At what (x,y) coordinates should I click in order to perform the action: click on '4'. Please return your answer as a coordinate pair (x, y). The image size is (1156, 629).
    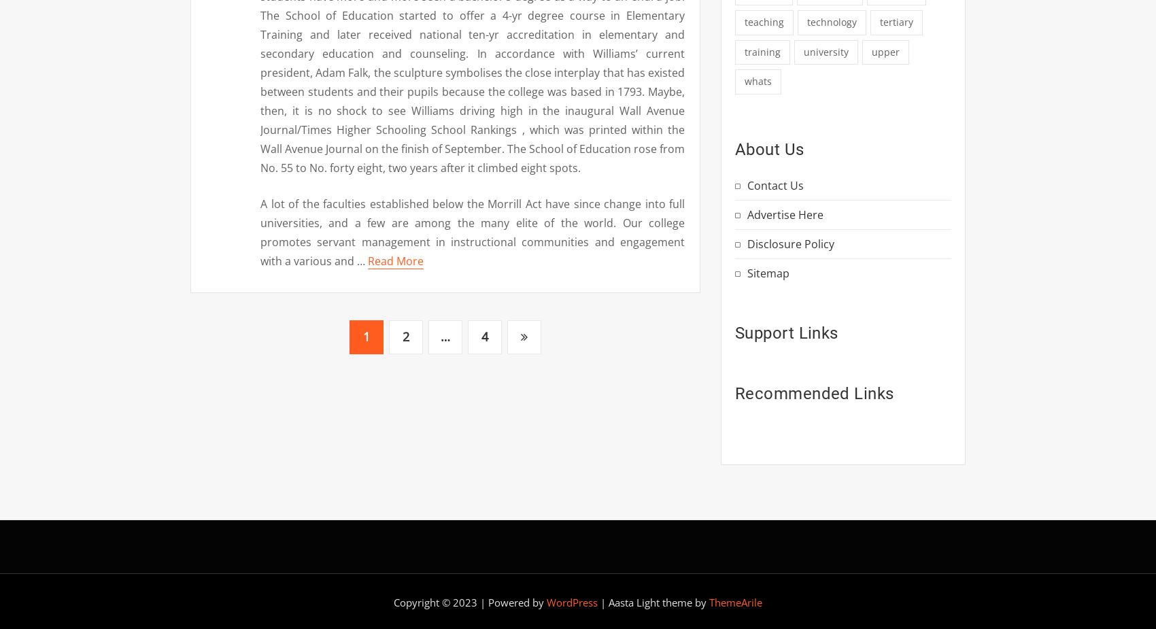
    Looking at the image, I should click on (484, 336).